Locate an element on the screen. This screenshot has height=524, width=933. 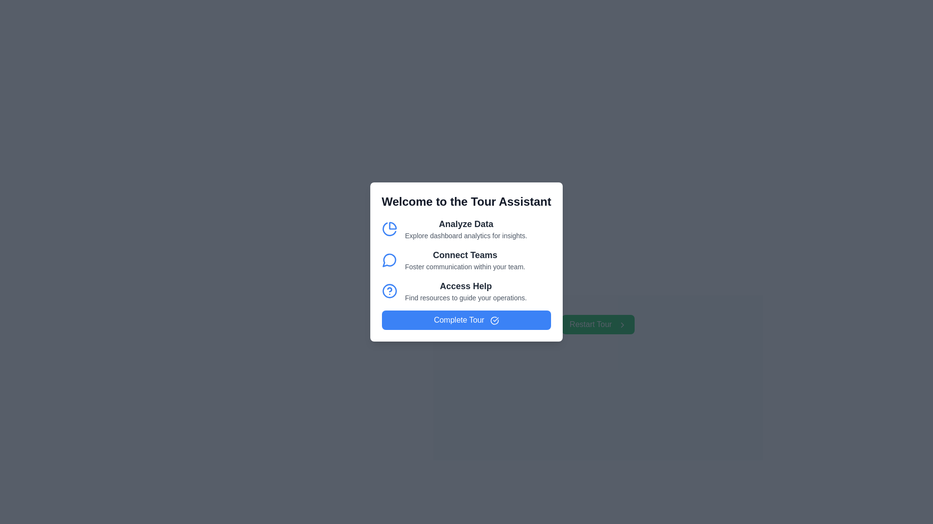
the prominently styled heading with the text 'Welcome to the Tour Assistant' located at the top of the modal dialog is located at coordinates (466, 201).